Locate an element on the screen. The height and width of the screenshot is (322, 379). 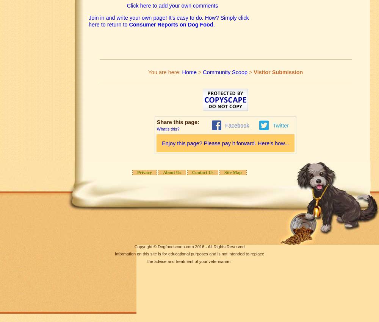
'Share this page:' is located at coordinates (178, 122).